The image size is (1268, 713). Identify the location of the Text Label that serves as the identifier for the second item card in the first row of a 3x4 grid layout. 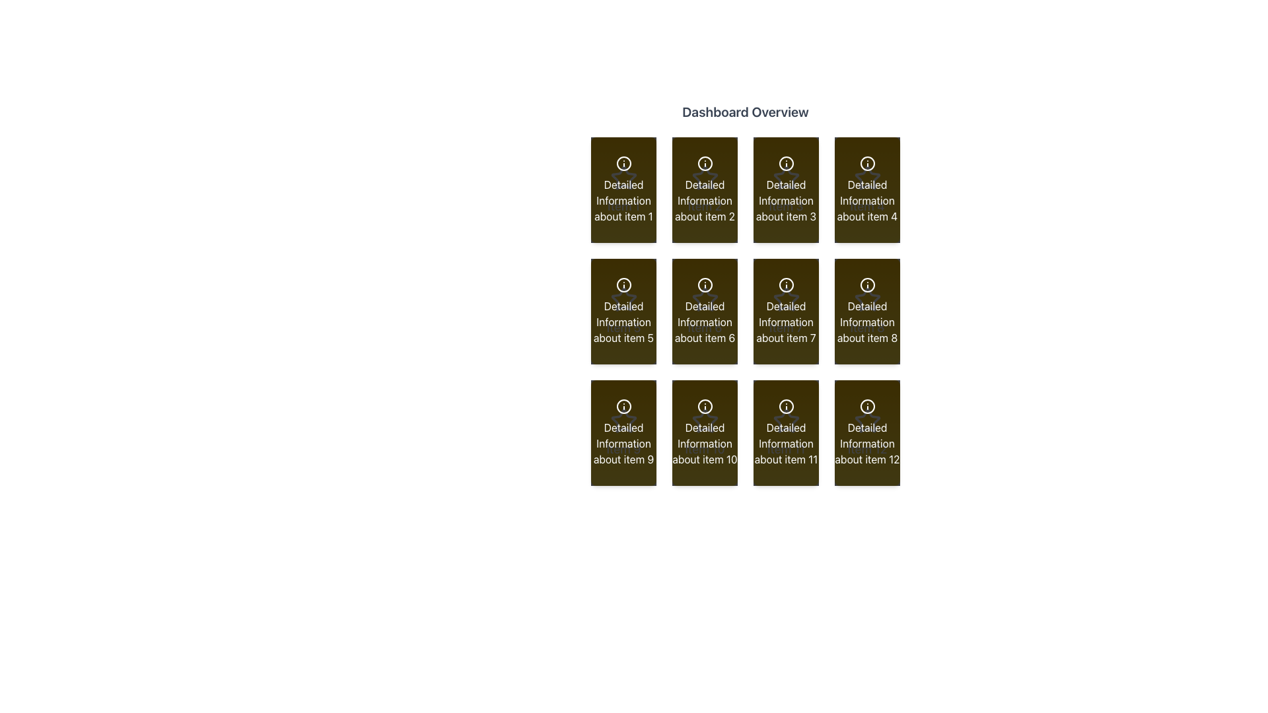
(704, 206).